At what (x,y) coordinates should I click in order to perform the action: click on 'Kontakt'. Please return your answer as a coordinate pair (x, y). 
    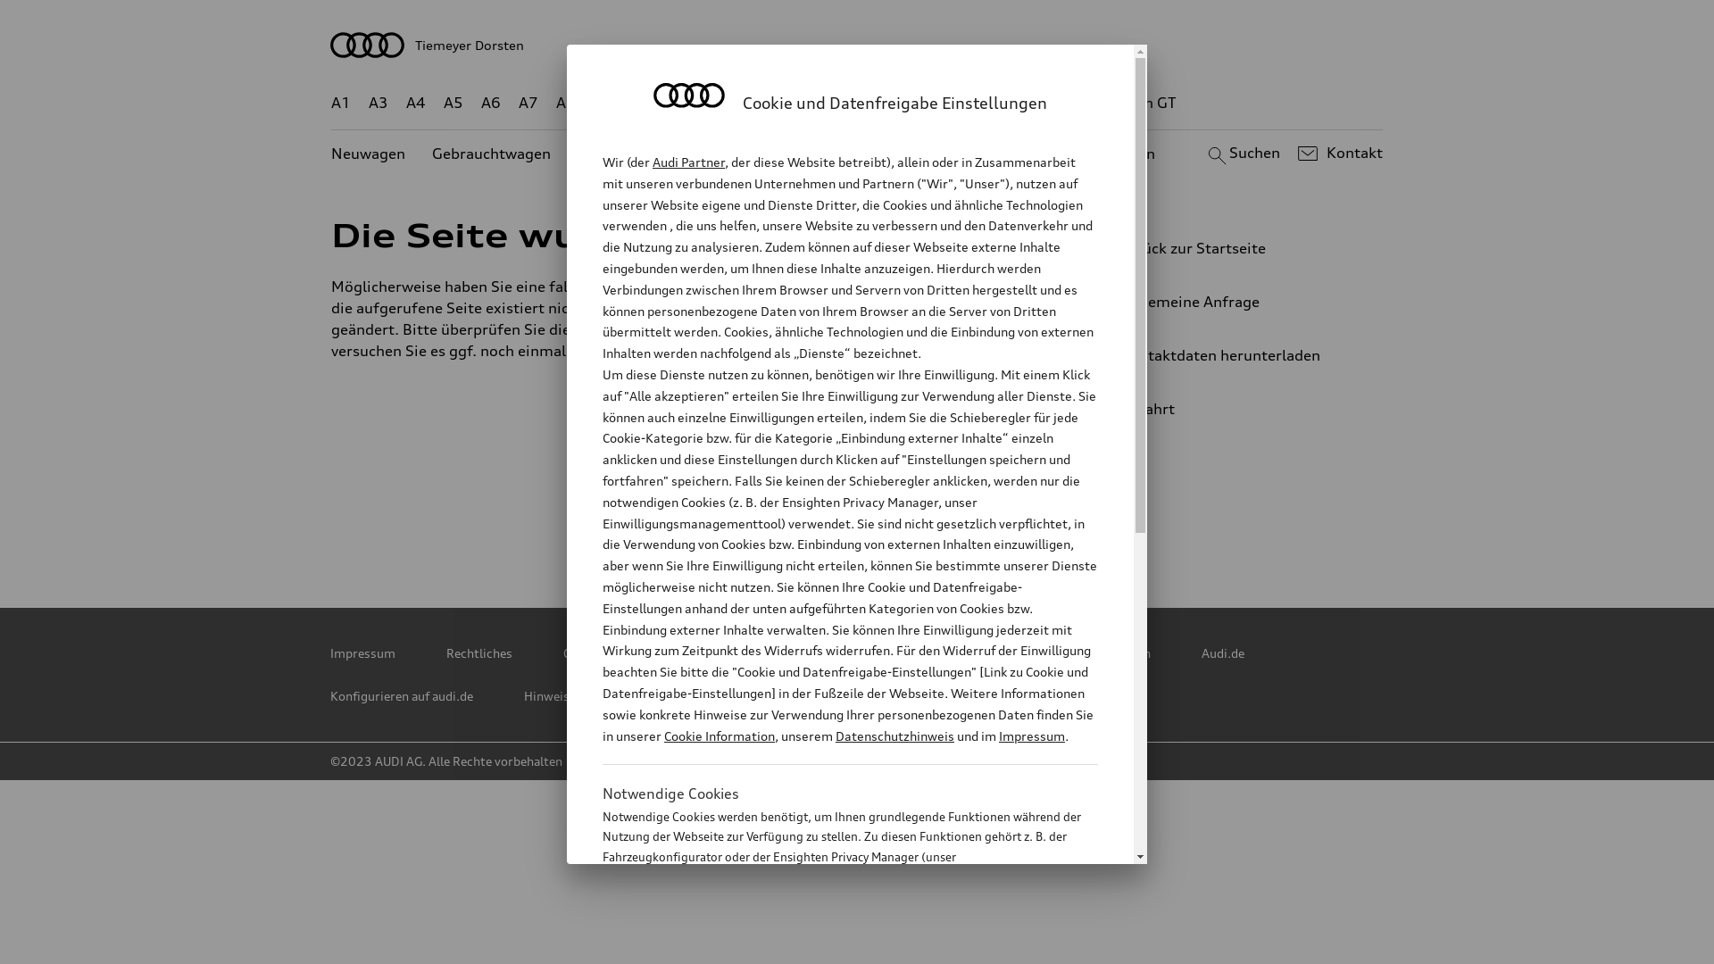
    Looking at the image, I should click on (1337, 153).